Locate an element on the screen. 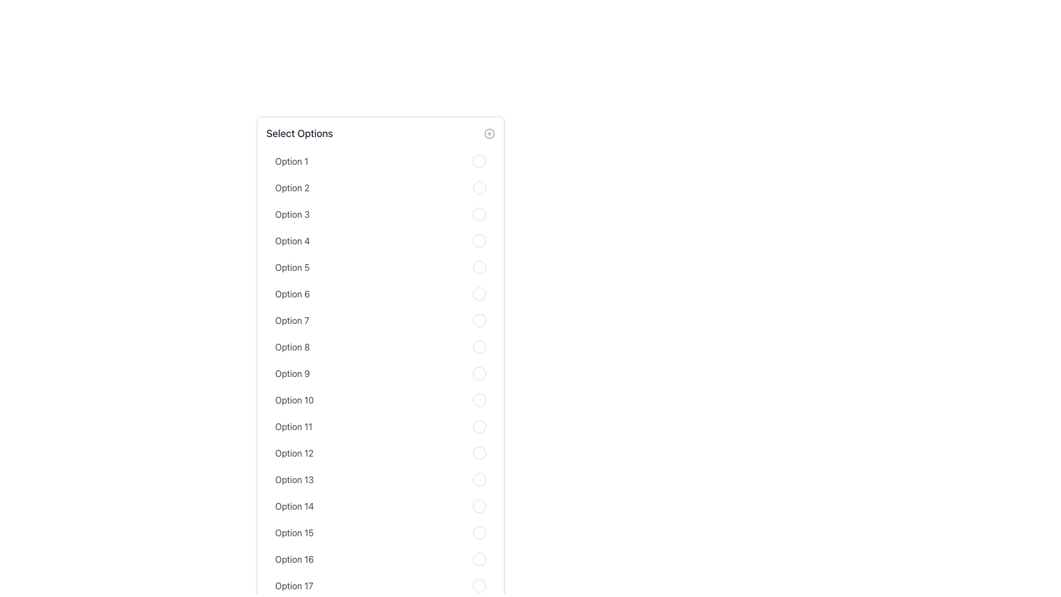 The image size is (1061, 597). the fifth List Item with Radio Button in the 'Select Options' list to trigger hover effects is located at coordinates (381, 267).